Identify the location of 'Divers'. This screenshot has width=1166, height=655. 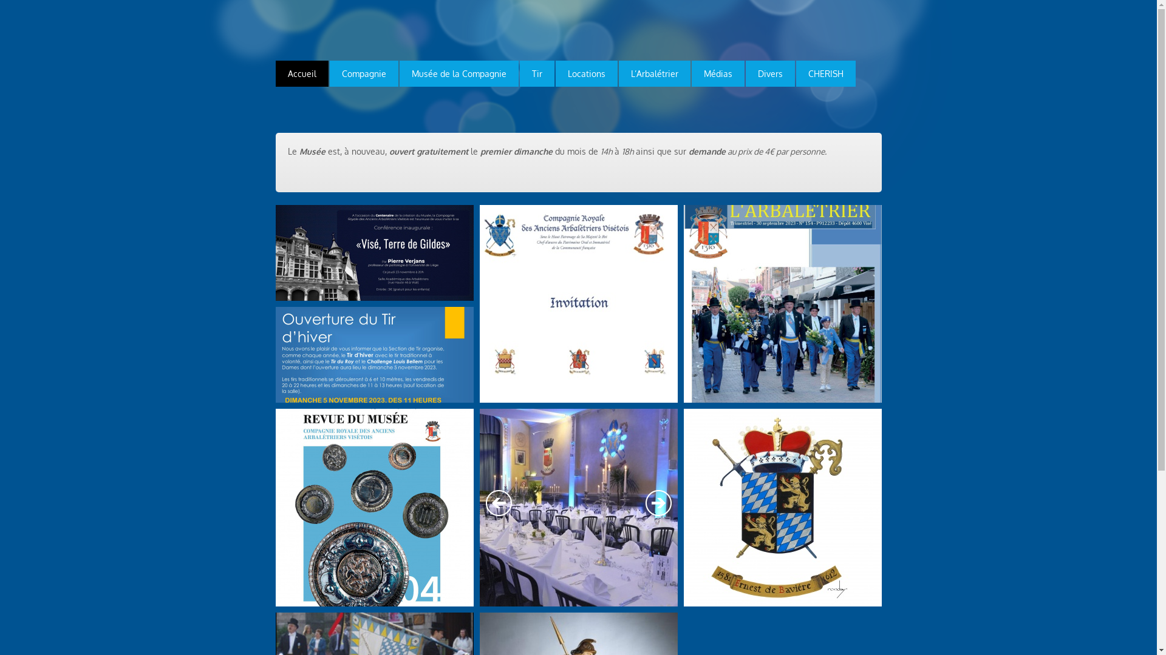
(769, 73).